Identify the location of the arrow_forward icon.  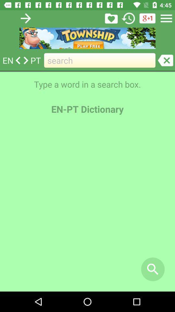
(25, 18).